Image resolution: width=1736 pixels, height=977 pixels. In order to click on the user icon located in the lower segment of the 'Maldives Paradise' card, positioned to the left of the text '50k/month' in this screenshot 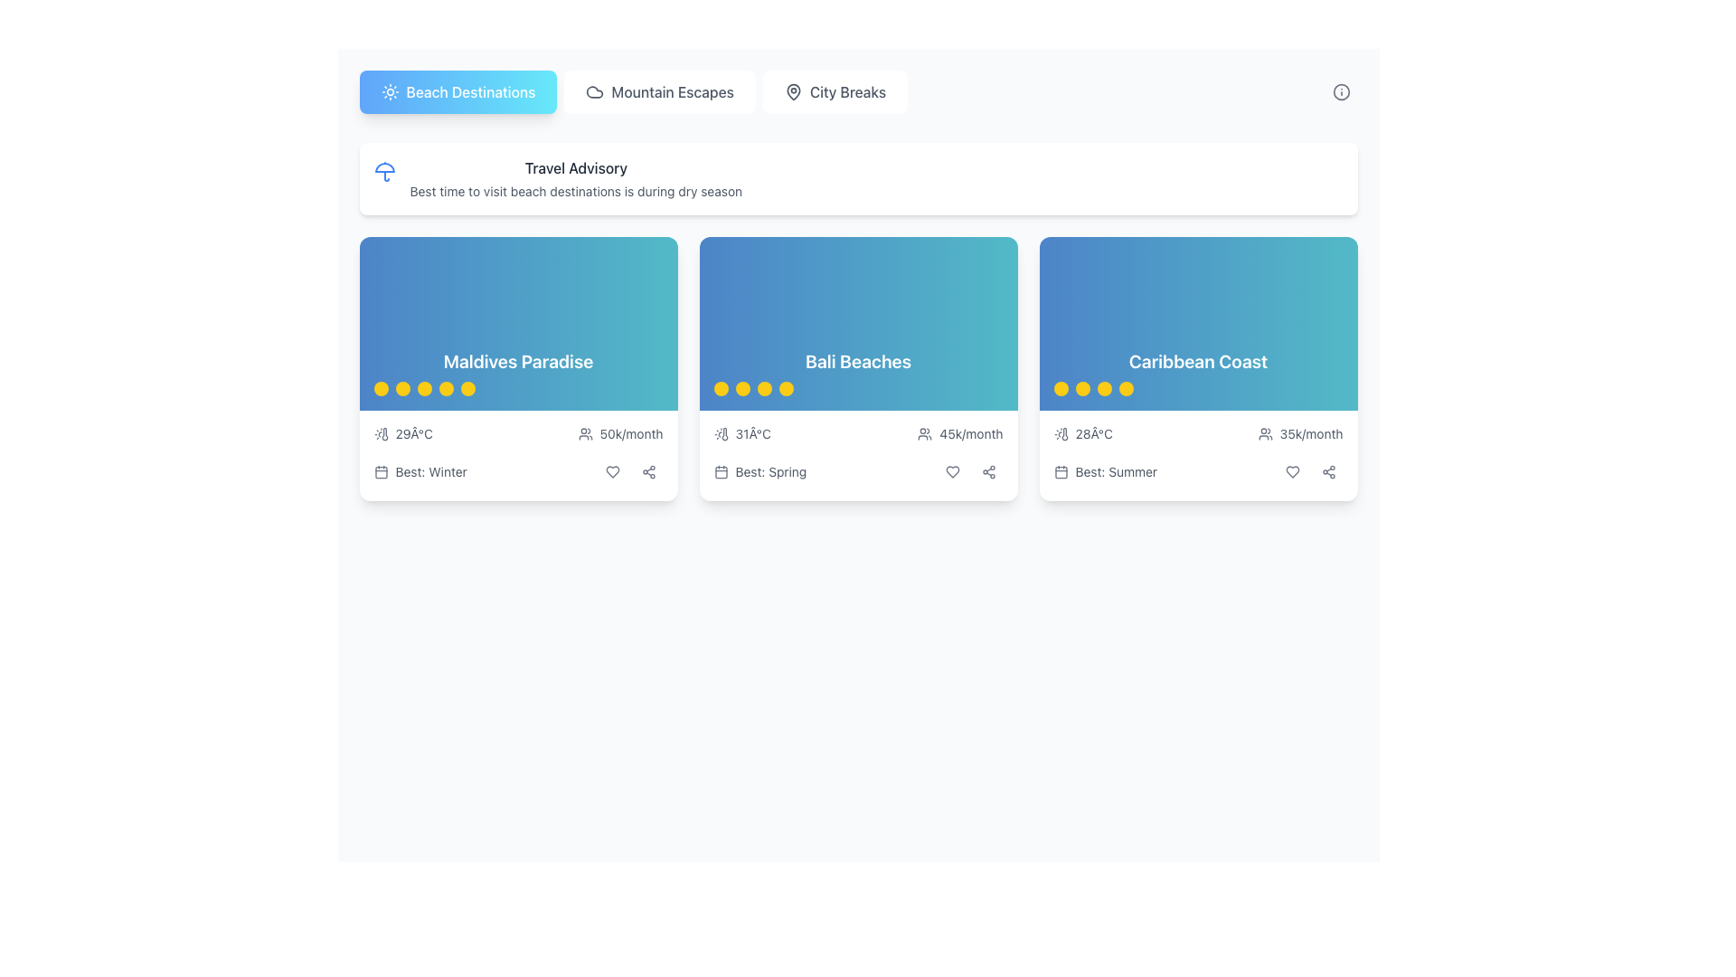, I will do `click(585, 433)`.